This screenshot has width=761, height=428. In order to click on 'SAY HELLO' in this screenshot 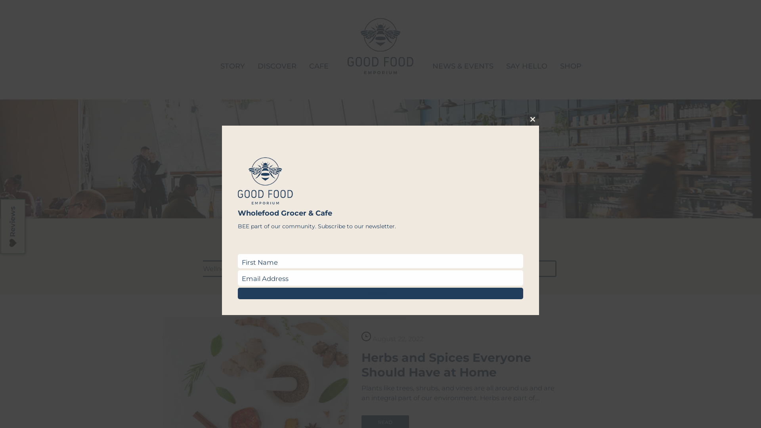, I will do `click(499, 66)`.